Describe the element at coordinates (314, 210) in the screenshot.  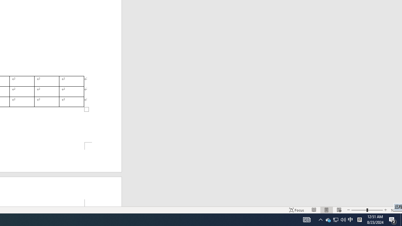
I see `'Read Mode'` at that location.